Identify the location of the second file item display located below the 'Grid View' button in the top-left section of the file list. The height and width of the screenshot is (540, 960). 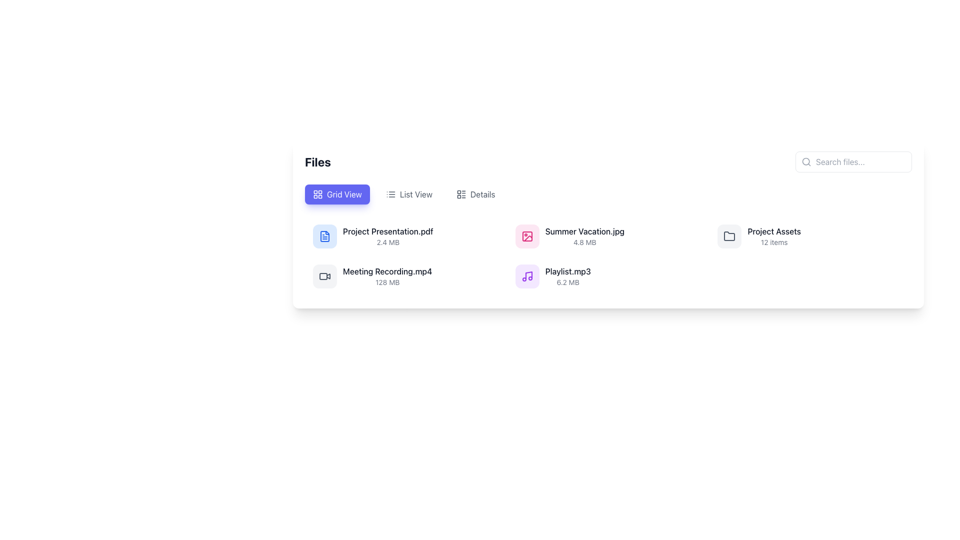
(387, 236).